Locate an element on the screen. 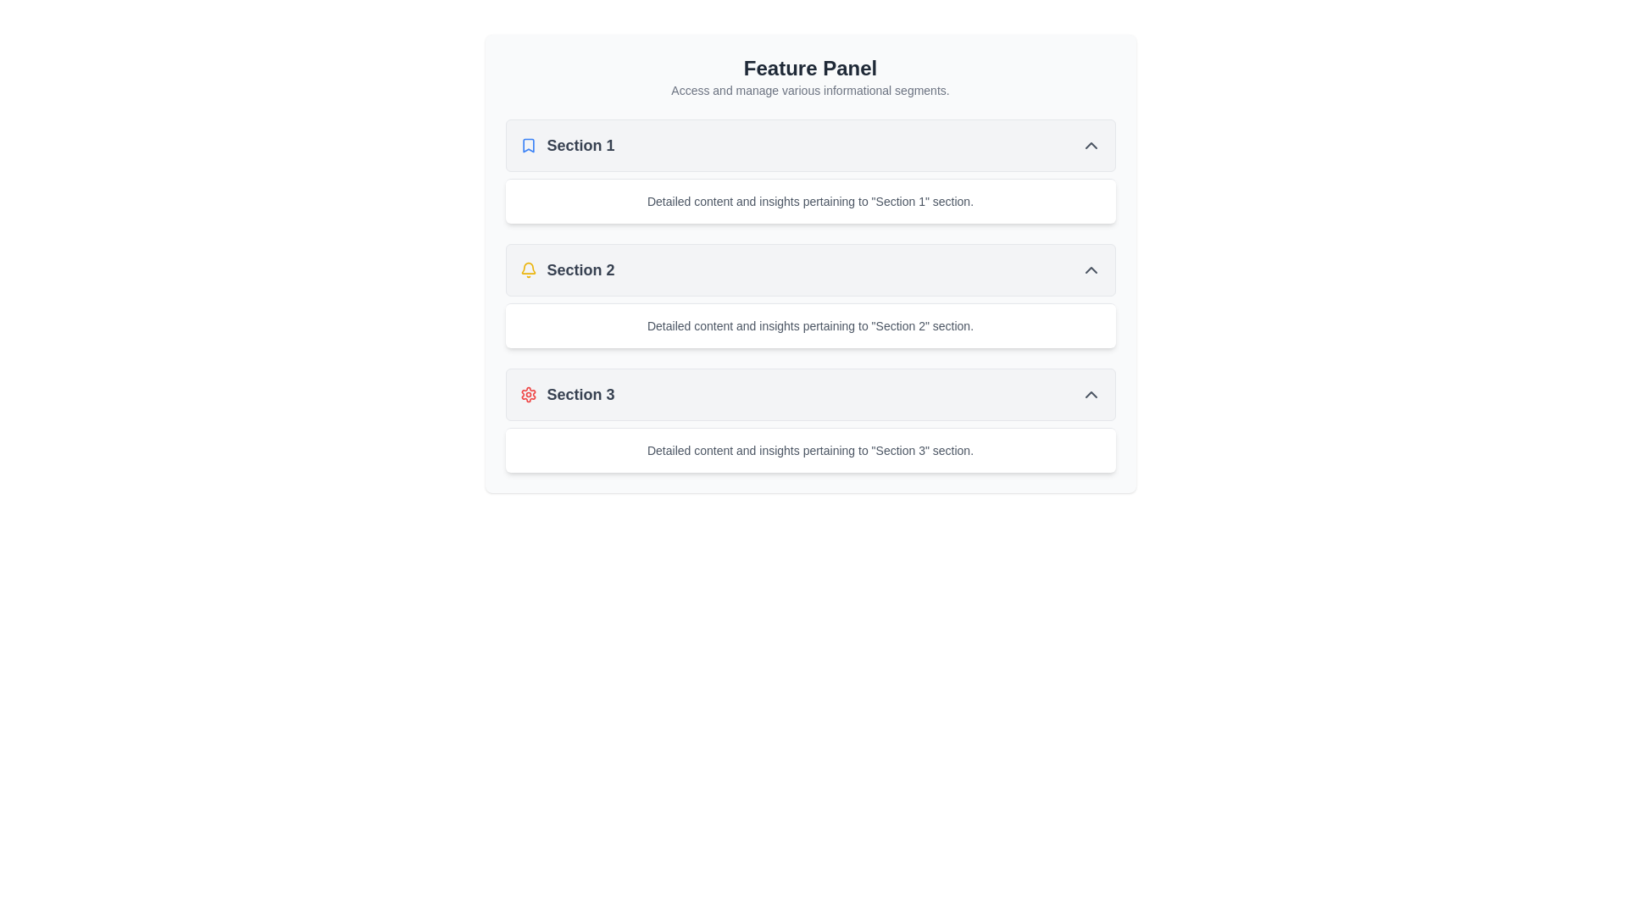  the bookmark icon located to the left of the bolded text label 'Section 1', which is the leftmost item in its group within a vertical list layout is located at coordinates (527, 145).